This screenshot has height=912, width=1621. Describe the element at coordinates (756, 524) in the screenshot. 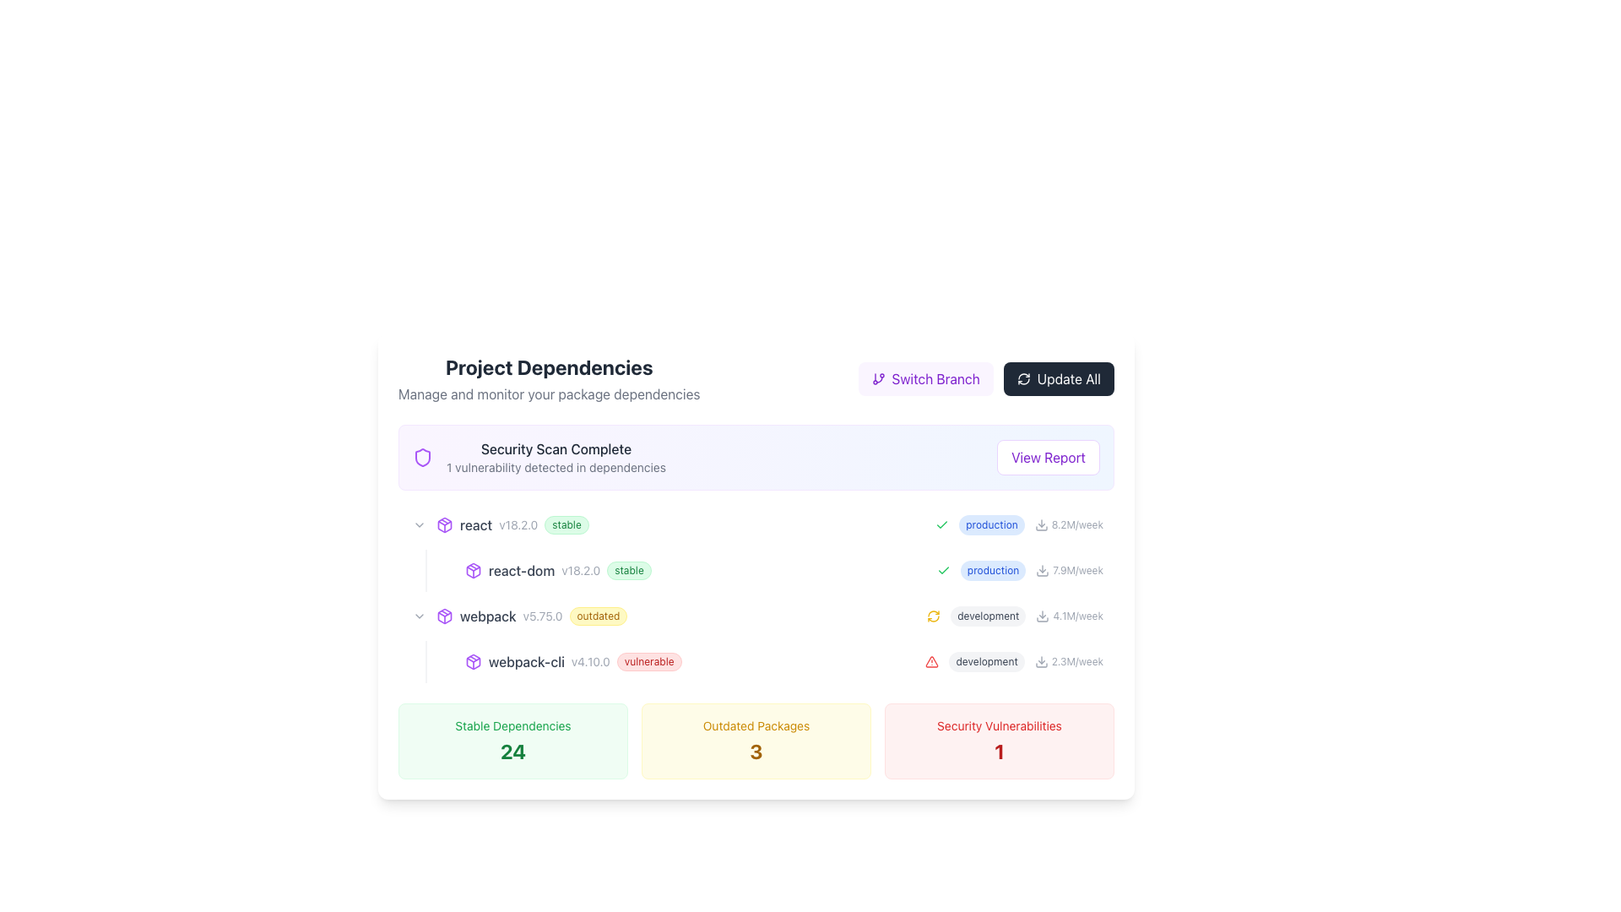

I see `the first entry of the dependencies list for 'react'` at that location.